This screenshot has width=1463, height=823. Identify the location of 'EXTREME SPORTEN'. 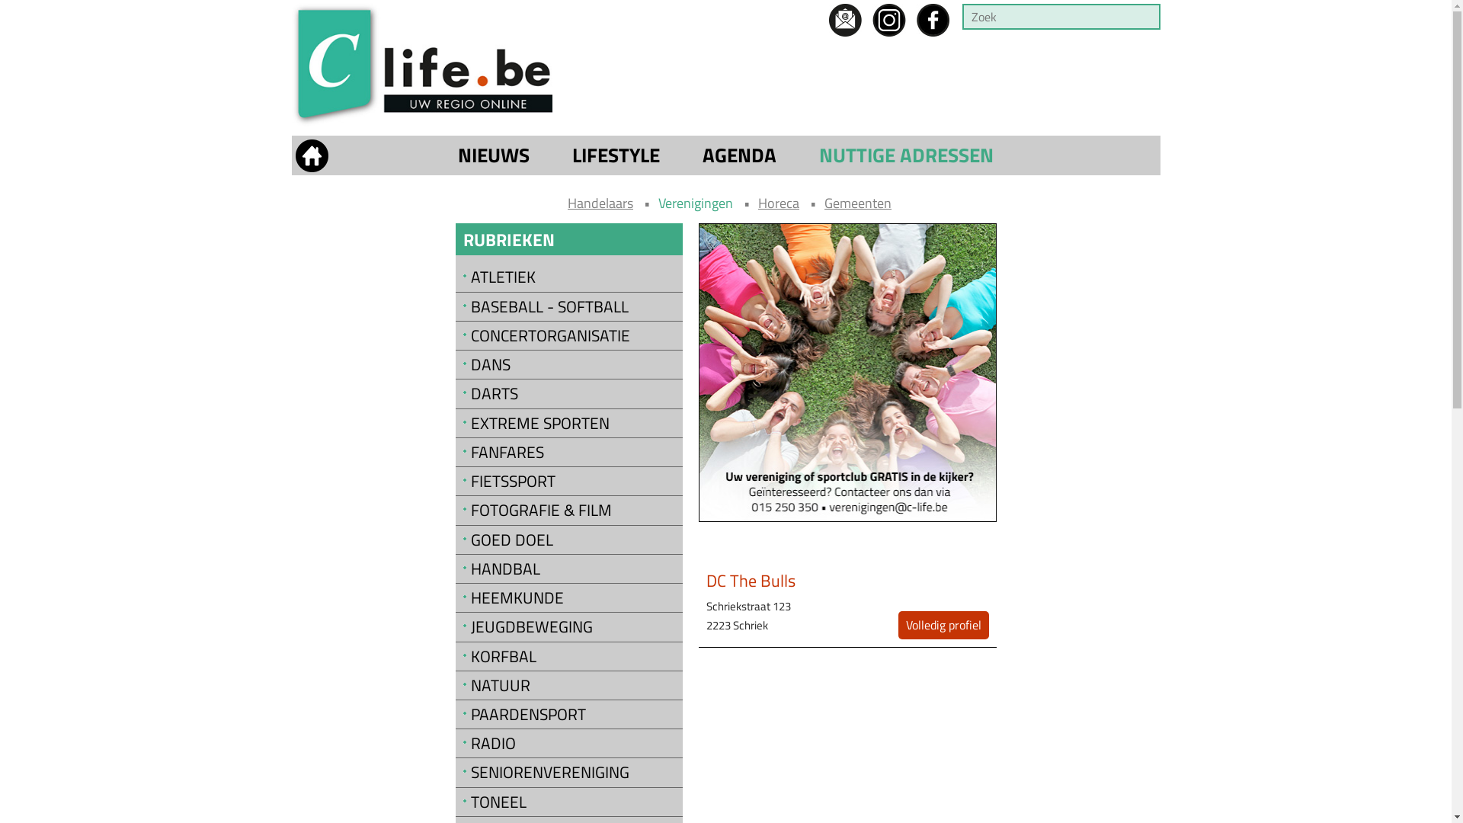
(463, 423).